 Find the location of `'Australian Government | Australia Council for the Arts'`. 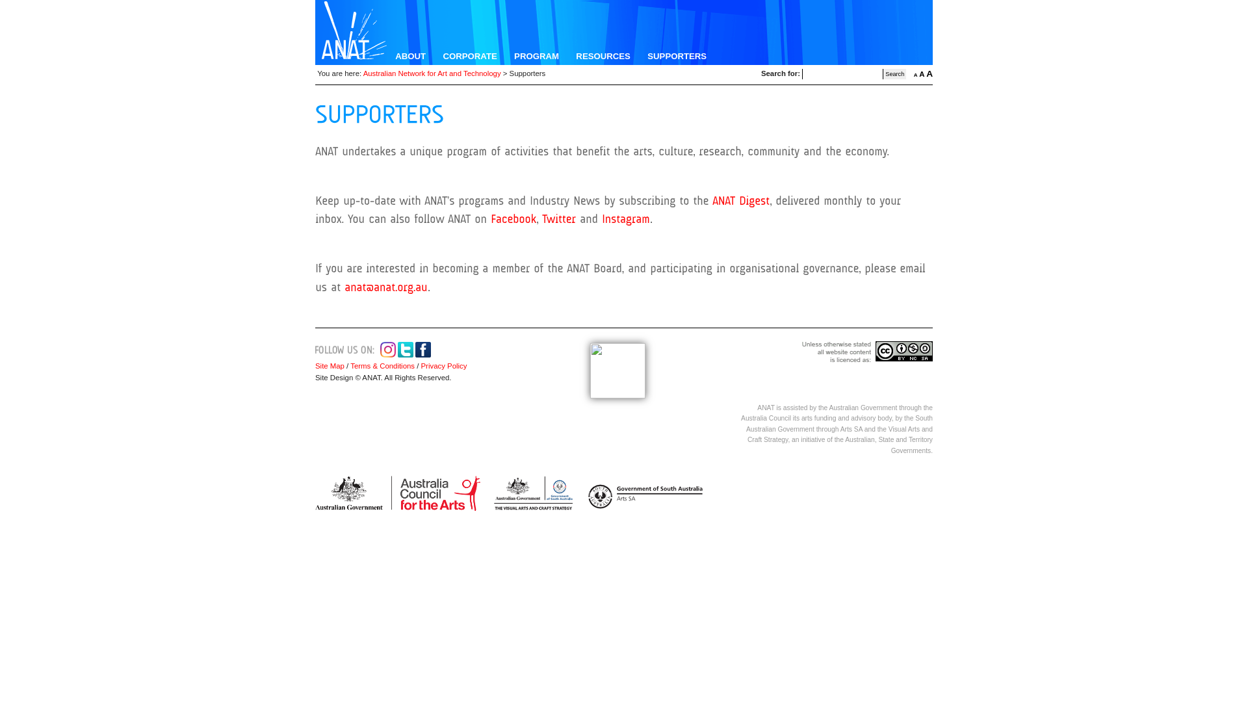

'Australian Government | Australia Council for the Arts' is located at coordinates (396, 493).